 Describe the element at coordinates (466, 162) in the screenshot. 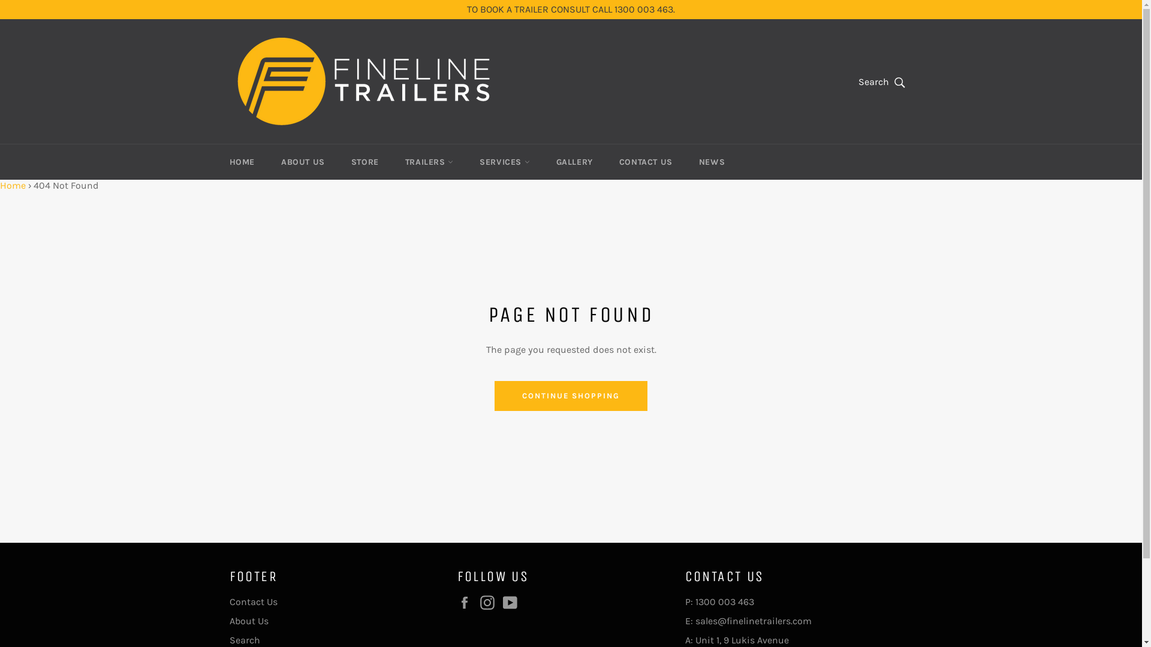

I see `'SERVICES'` at that location.